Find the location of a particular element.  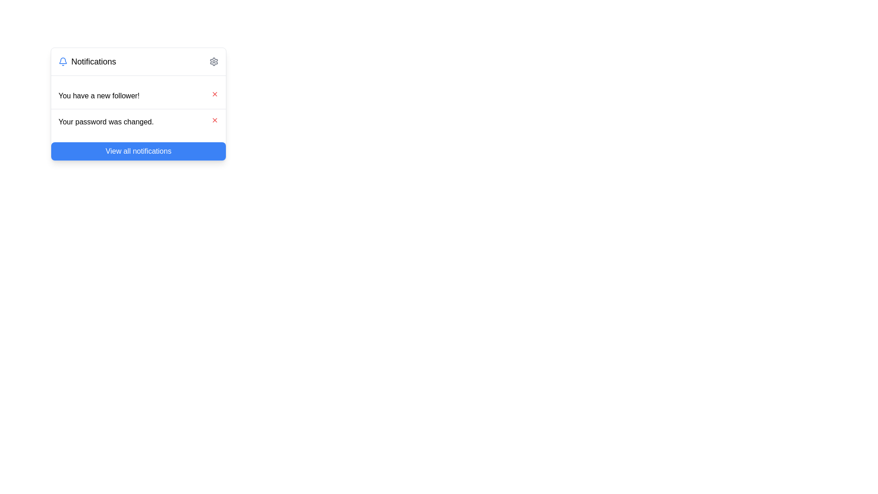

notification message indicating the user's password has been updated, which is displayed as a text label in the second row of the notification list, below 'You have a new follower!' and to the left of the dismissal 'X' icon is located at coordinates (106, 121).